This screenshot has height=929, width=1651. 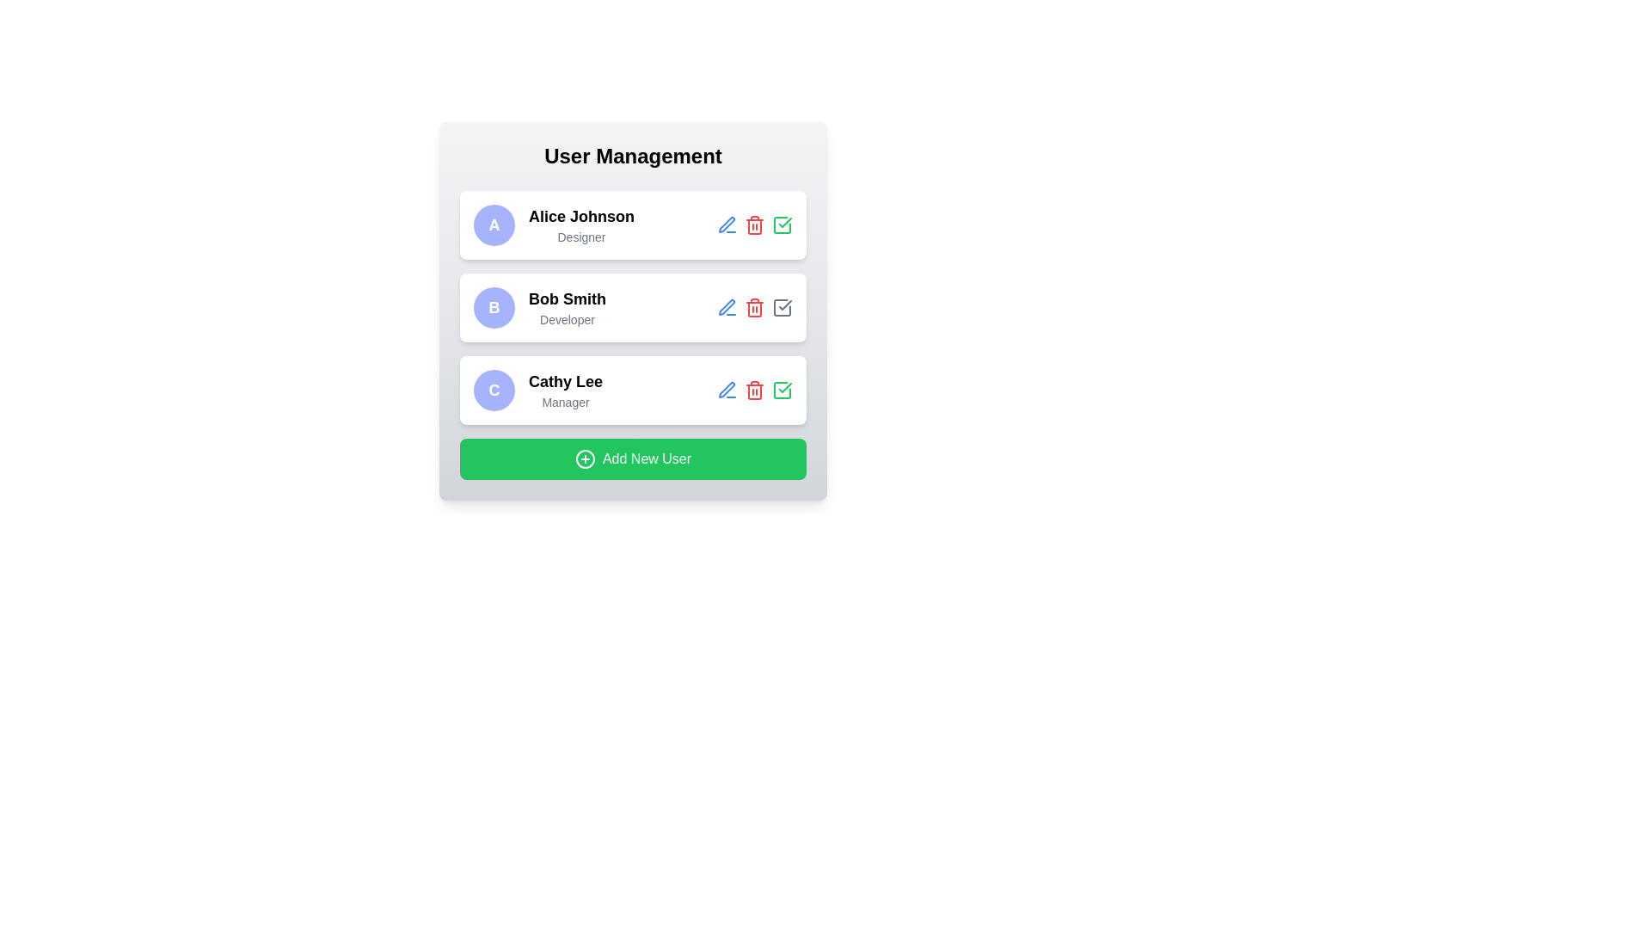 What do you see at coordinates (565, 380) in the screenshot?
I see `the text label displaying 'Cathy Lee', which is styled in bold and positioned above the designation label 'Manager' in the user card` at bounding box center [565, 380].